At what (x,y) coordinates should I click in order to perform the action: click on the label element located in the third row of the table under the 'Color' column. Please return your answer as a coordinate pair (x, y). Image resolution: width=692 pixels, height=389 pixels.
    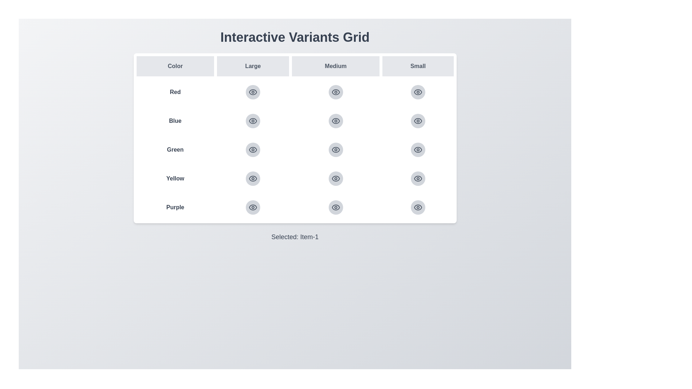
    Looking at the image, I should click on (295, 149).